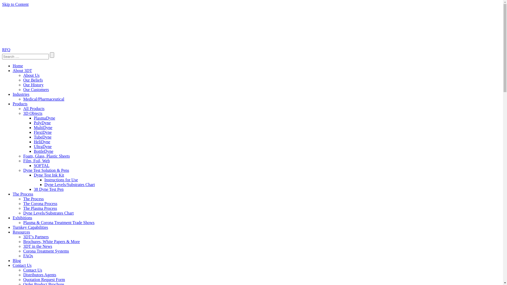  Describe the element at coordinates (61, 179) in the screenshot. I see `'Instructions for Use'` at that location.